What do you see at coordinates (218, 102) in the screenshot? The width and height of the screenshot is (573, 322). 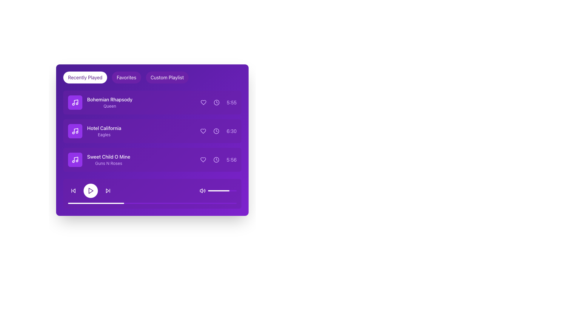 I see `the time display labeled '5:55' styled in a purple-themed design, located on the right side of the first row in the list labeled 'Bohemian Rhapsody'` at bounding box center [218, 102].